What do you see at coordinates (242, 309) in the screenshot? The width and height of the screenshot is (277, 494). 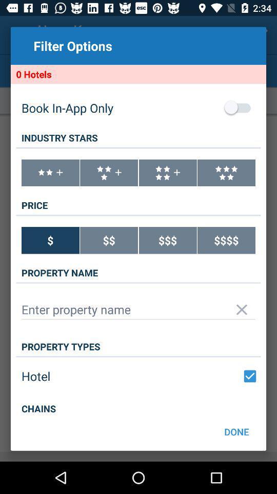 I see `remove property name` at bounding box center [242, 309].